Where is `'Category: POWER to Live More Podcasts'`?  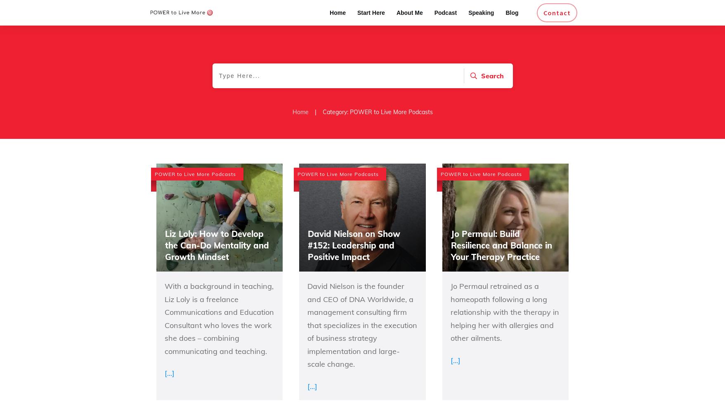 'Category: POWER to Live More Podcasts' is located at coordinates (377, 111).